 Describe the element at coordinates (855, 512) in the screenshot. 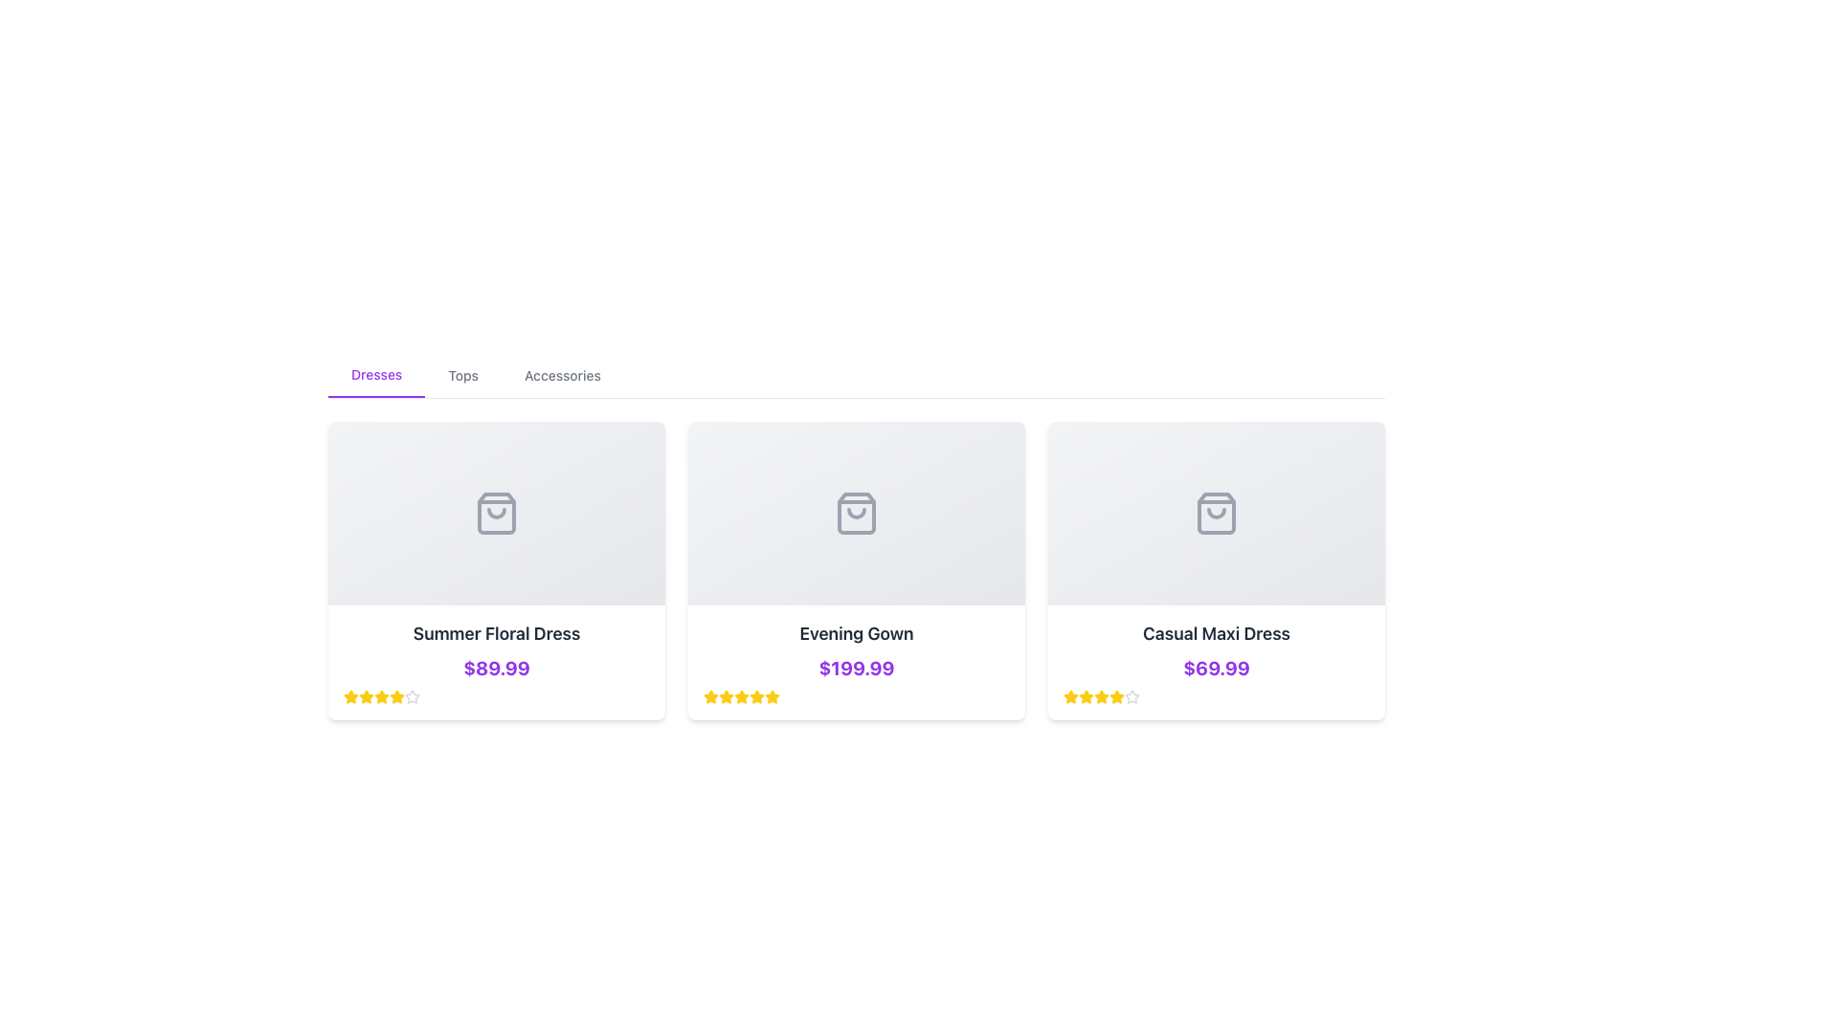

I see `the shopping bag icon, which is styled in gray and located within the 'Evening Gown' card in the UI` at that location.